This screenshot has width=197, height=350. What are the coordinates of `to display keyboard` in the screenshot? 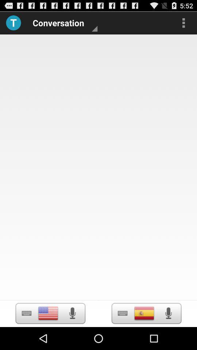 It's located at (26, 313).